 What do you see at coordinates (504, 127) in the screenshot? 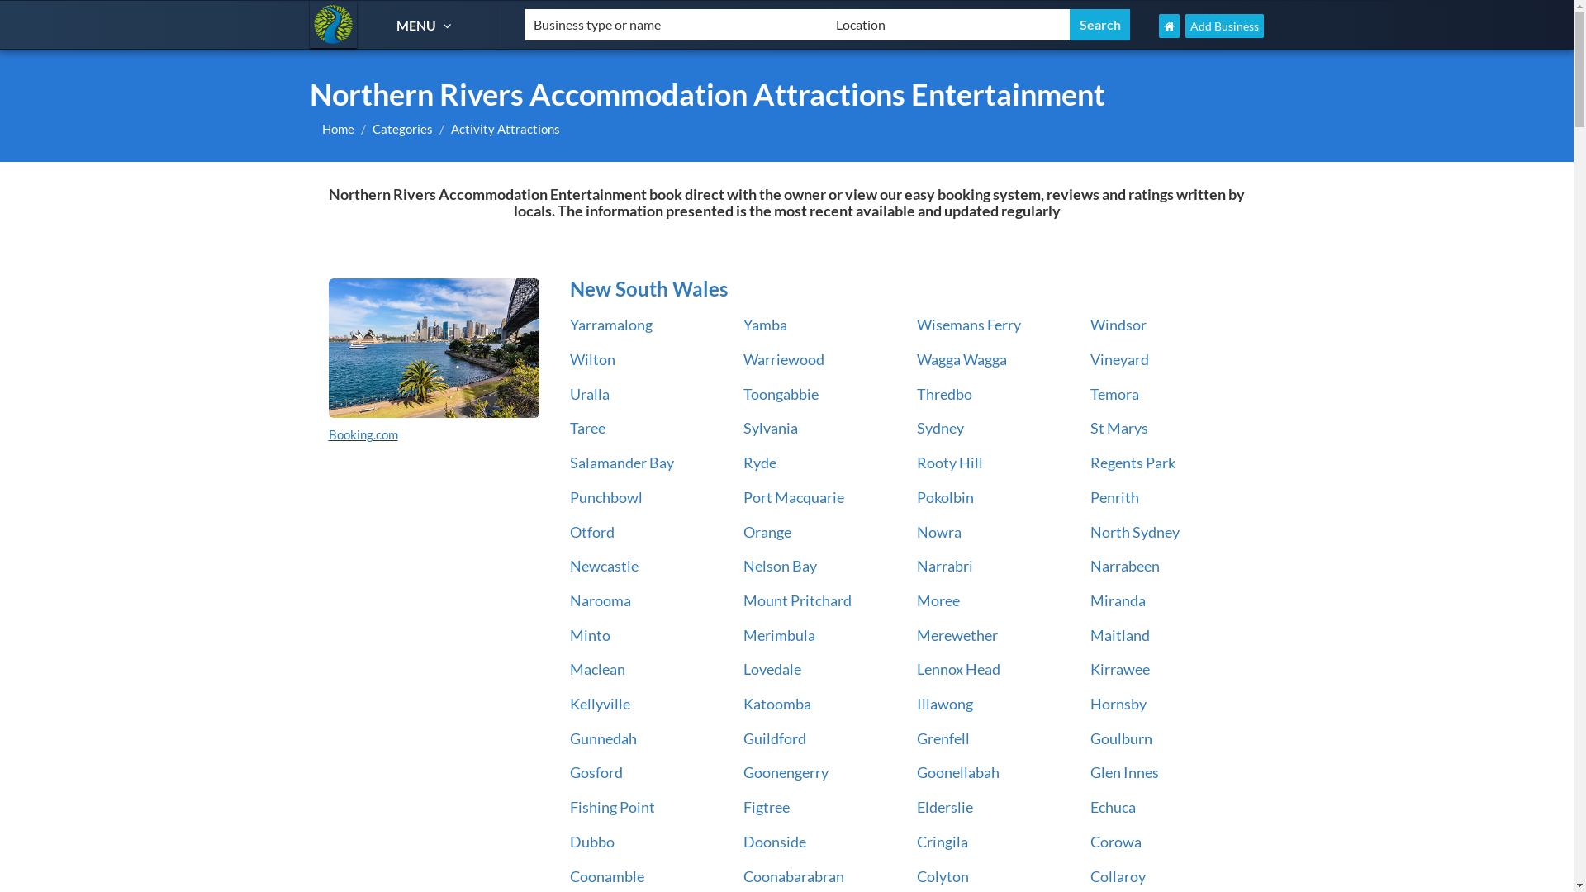
I see `'Activity Attractions'` at bounding box center [504, 127].